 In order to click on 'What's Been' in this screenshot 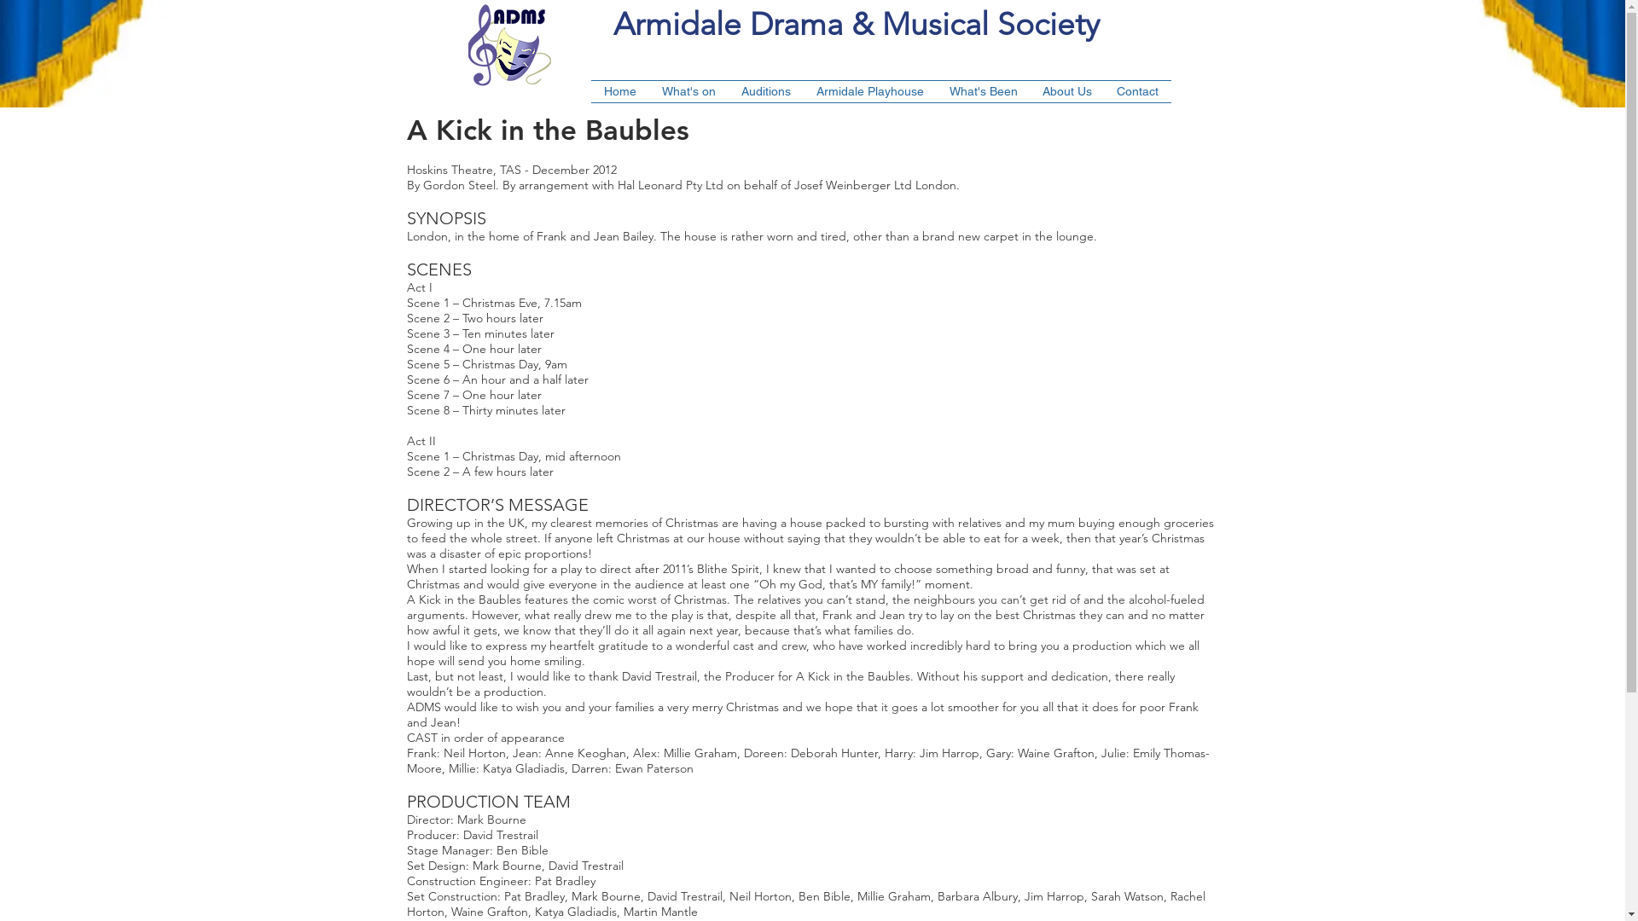, I will do `click(983, 91)`.